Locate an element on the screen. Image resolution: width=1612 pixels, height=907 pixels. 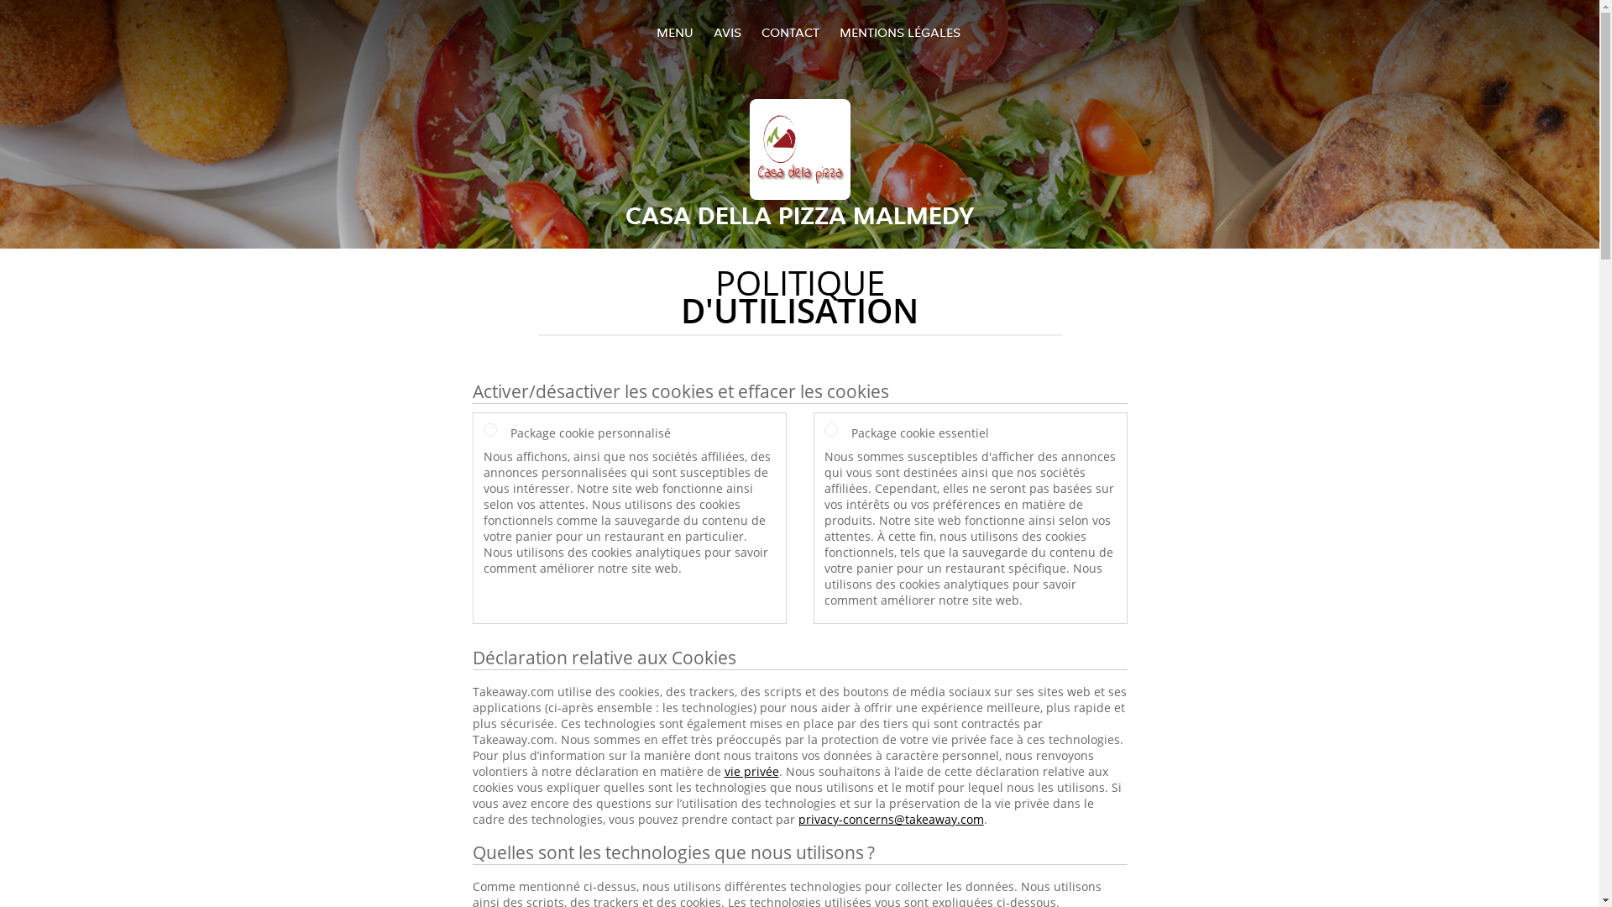
'privacy-concerns@takeaway.com' is located at coordinates (889, 818).